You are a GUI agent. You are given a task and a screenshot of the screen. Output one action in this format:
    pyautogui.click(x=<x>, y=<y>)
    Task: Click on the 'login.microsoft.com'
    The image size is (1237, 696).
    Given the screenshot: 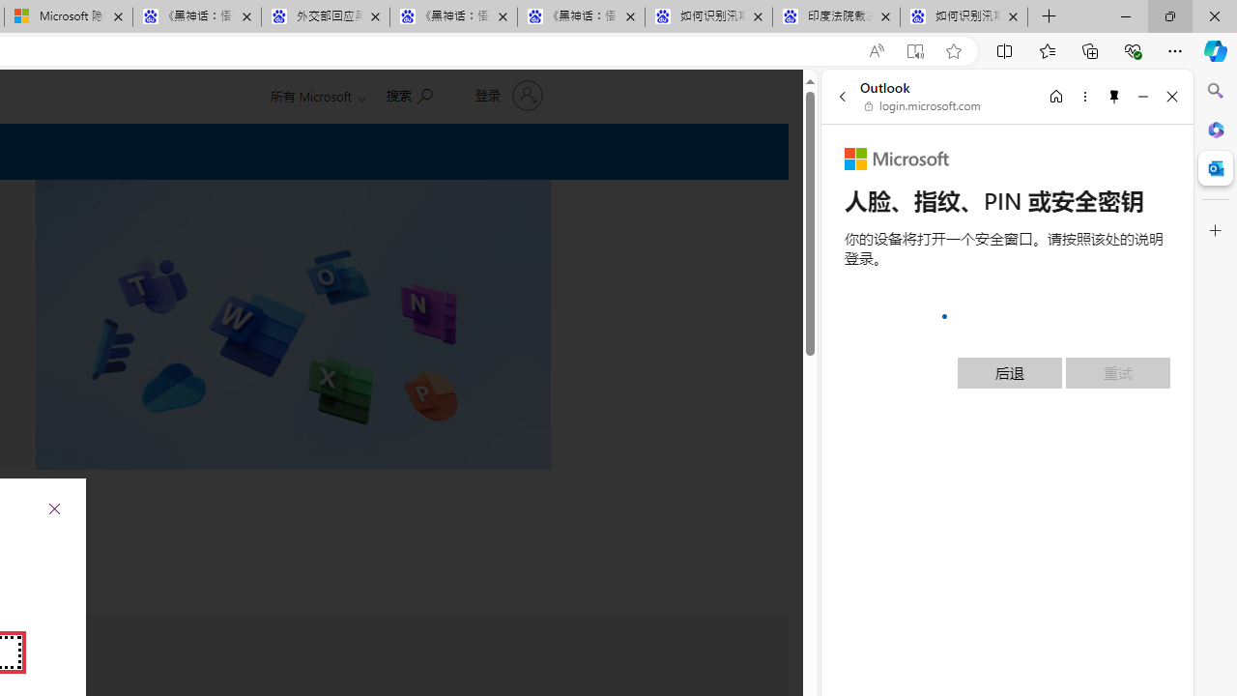 What is the action you would take?
    pyautogui.click(x=922, y=106)
    